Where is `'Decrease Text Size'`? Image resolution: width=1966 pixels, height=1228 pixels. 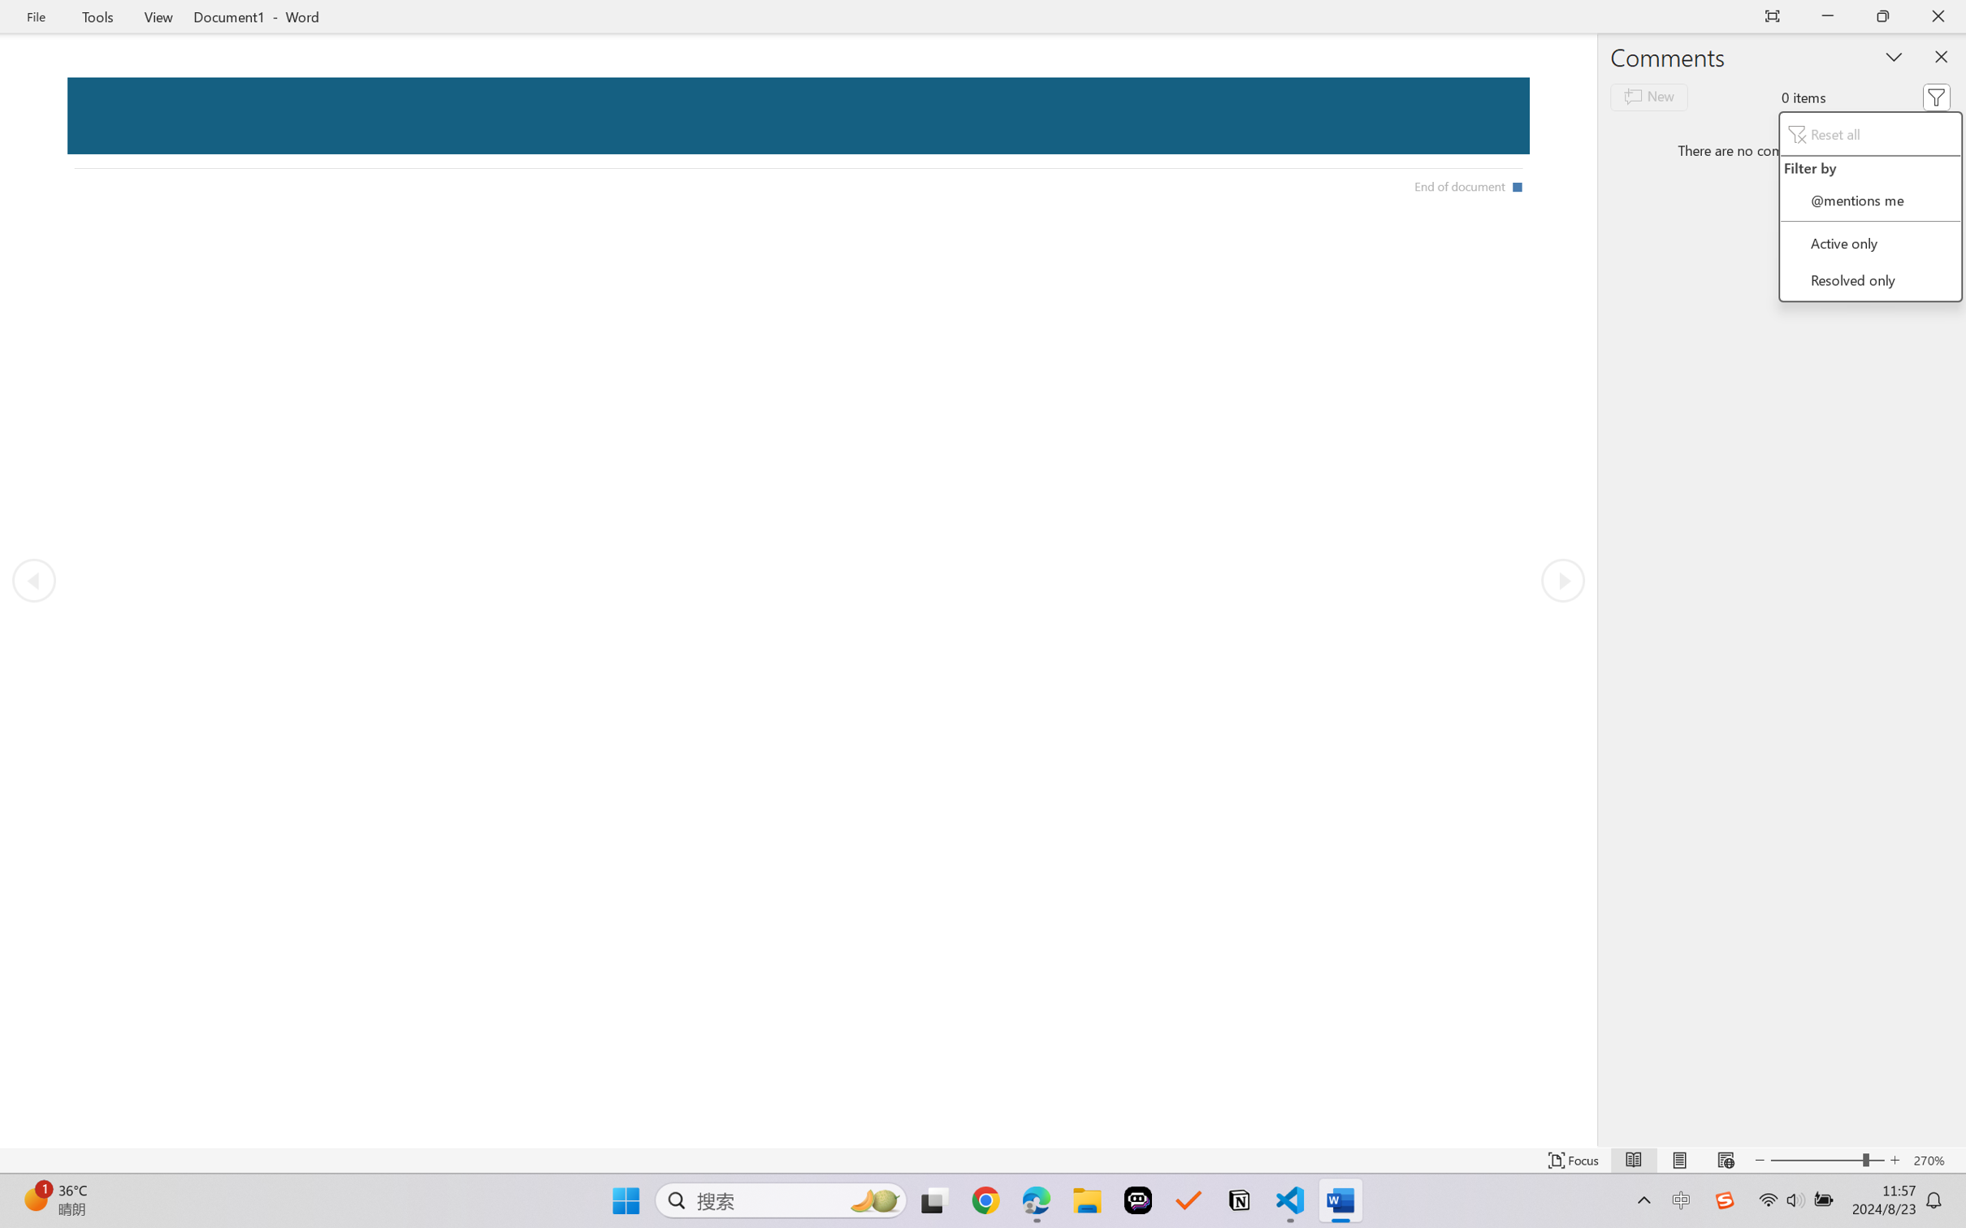
'Decrease Text Size' is located at coordinates (1759, 1160).